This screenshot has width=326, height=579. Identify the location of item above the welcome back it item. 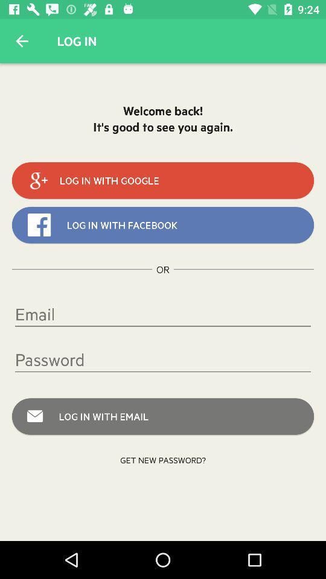
(22, 41).